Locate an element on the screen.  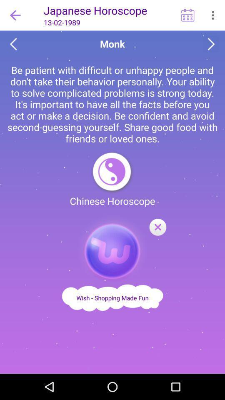
link to wish is located at coordinates (112, 297).